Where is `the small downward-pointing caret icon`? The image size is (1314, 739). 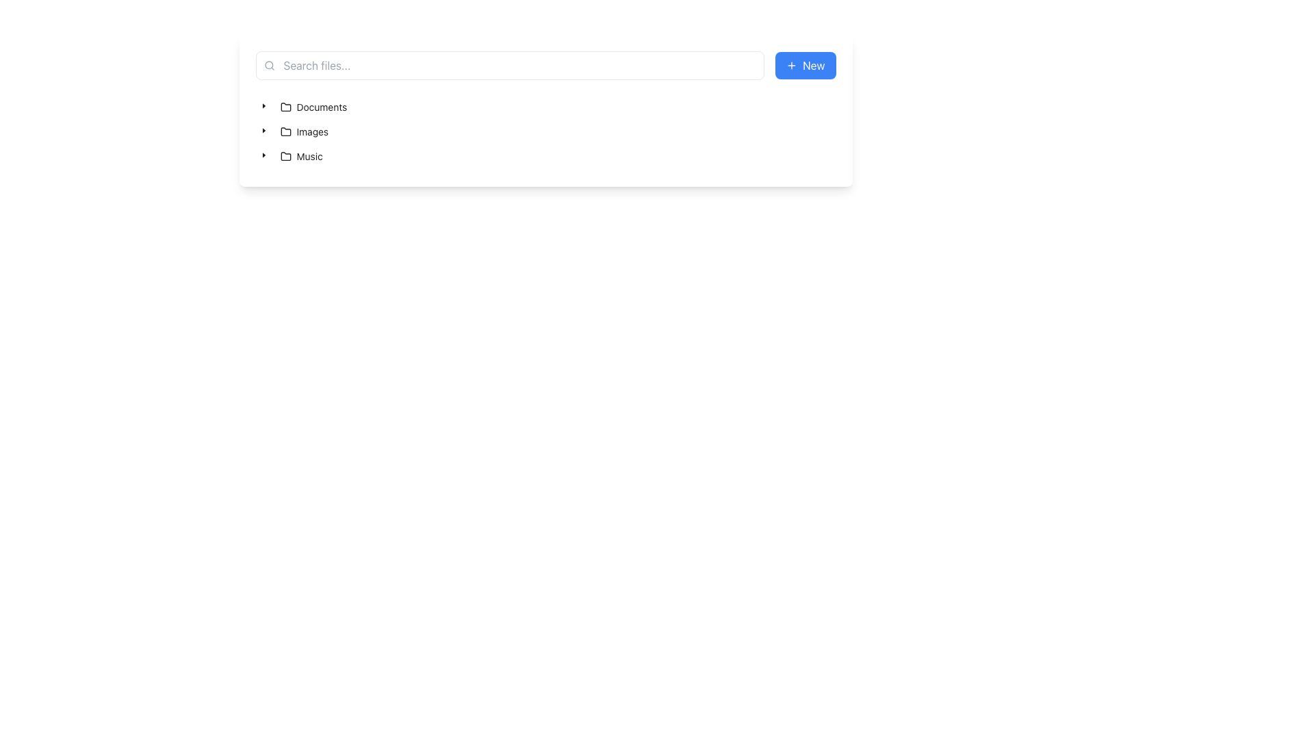
the small downward-pointing caret icon is located at coordinates (263, 131).